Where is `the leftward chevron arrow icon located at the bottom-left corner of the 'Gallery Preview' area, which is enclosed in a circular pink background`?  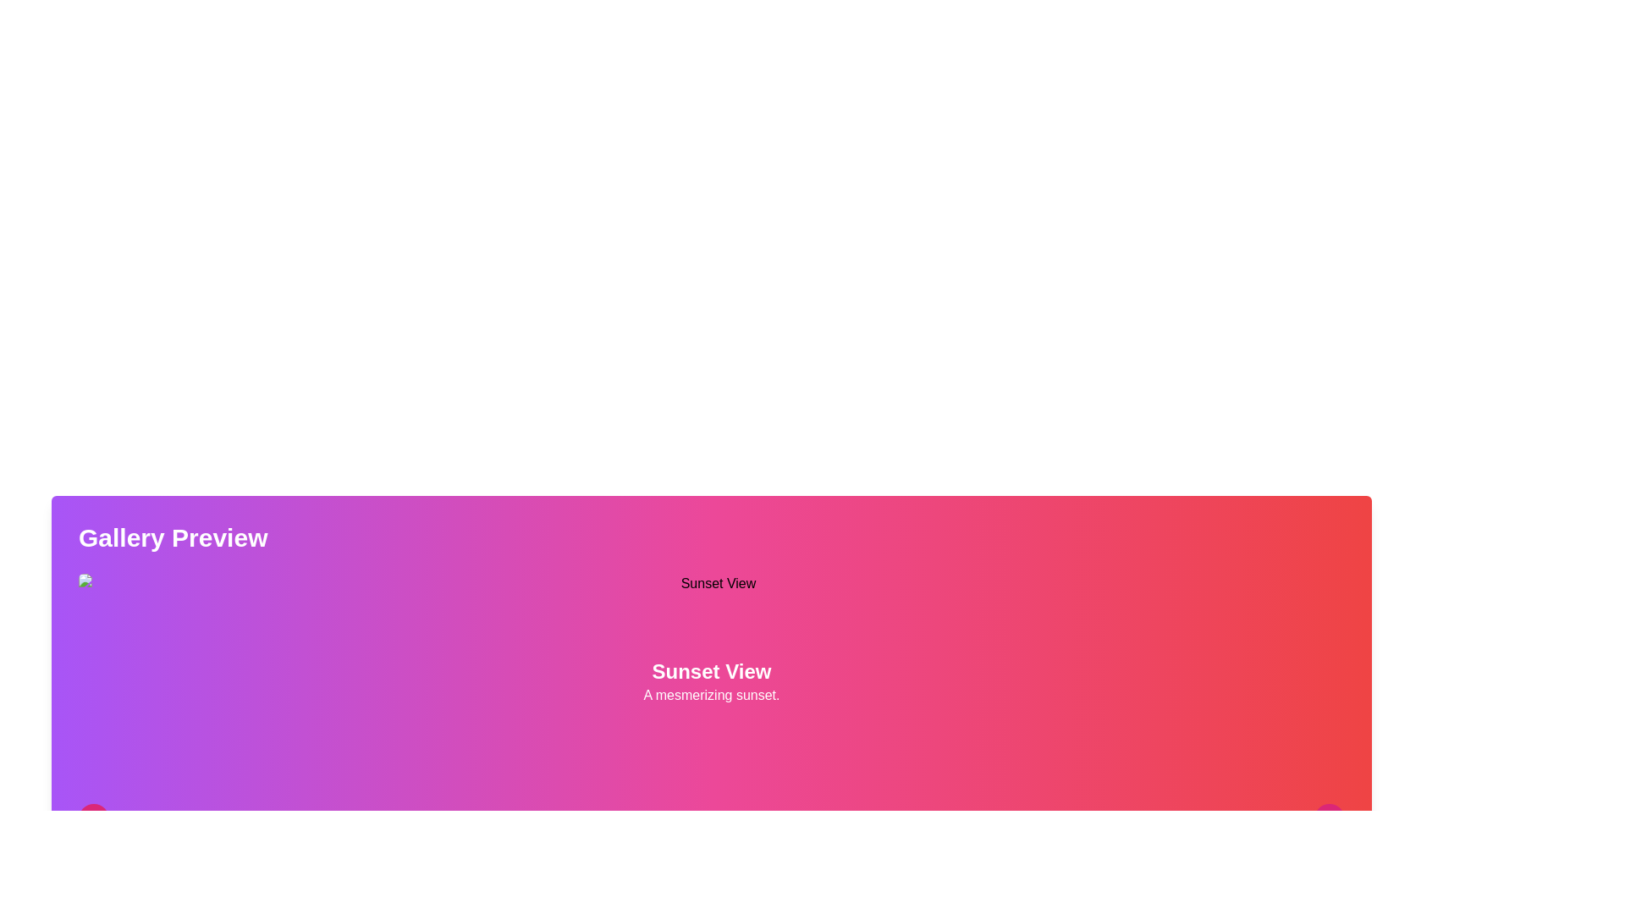
the leftward chevron arrow icon located at the bottom-left corner of the 'Gallery Preview' area, which is enclosed in a circular pink background is located at coordinates (92, 818).